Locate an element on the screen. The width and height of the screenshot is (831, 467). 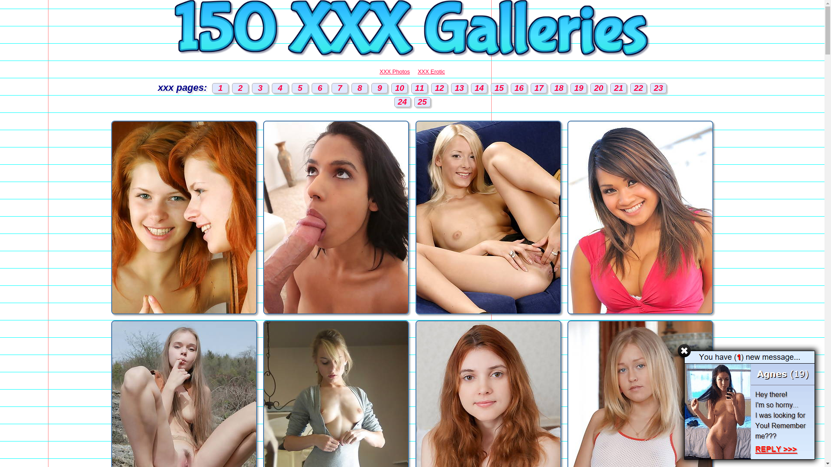
'#' is located at coordinates (683, 350).